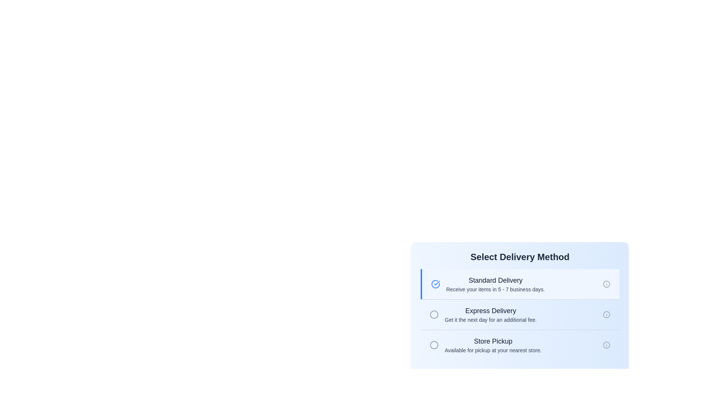 Image resolution: width=723 pixels, height=406 pixels. What do you see at coordinates (488, 284) in the screenshot?
I see `the 'Standard Delivery' selectable list option to get additional information about this delivery method` at bounding box center [488, 284].